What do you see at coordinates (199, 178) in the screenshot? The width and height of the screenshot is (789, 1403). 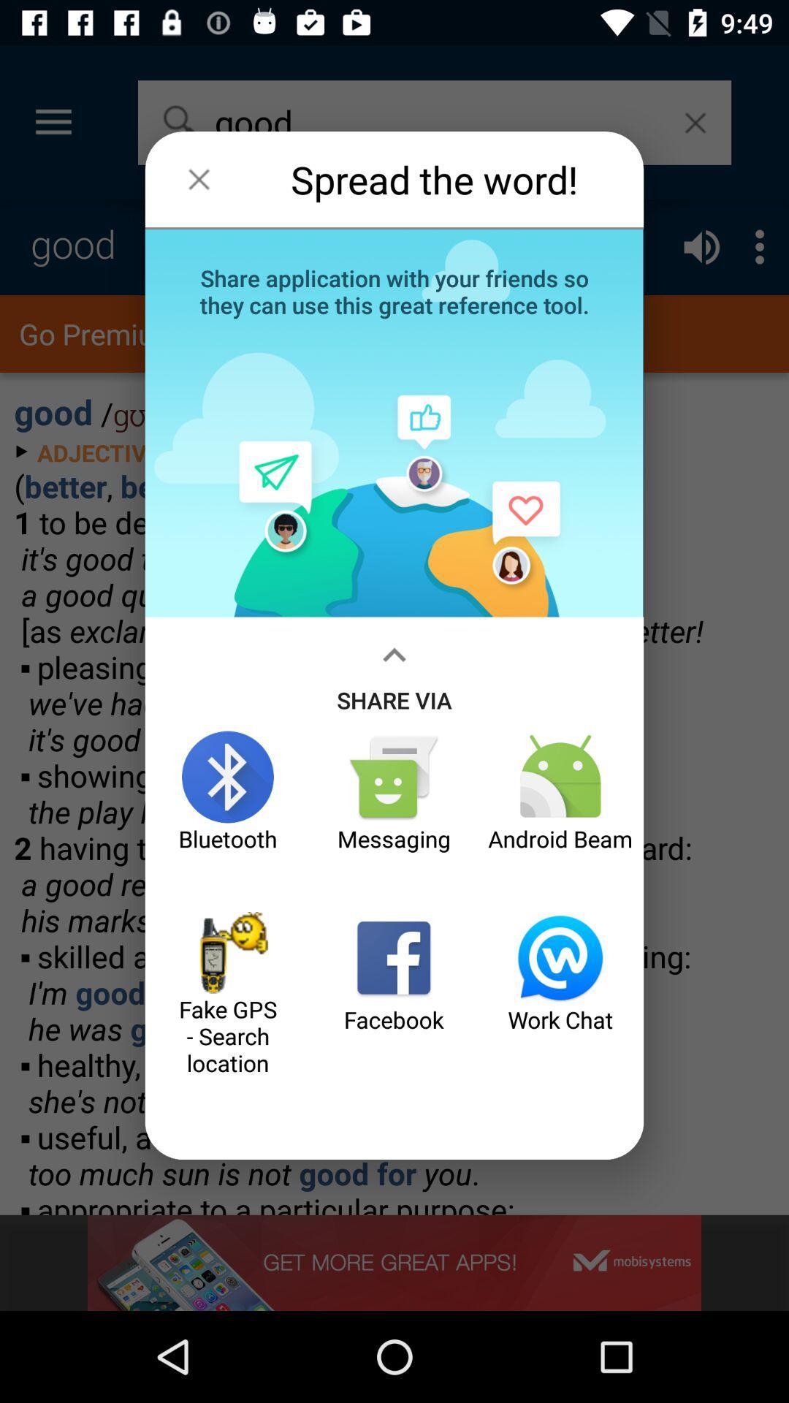 I see `the icon next to spread the word! item` at bounding box center [199, 178].